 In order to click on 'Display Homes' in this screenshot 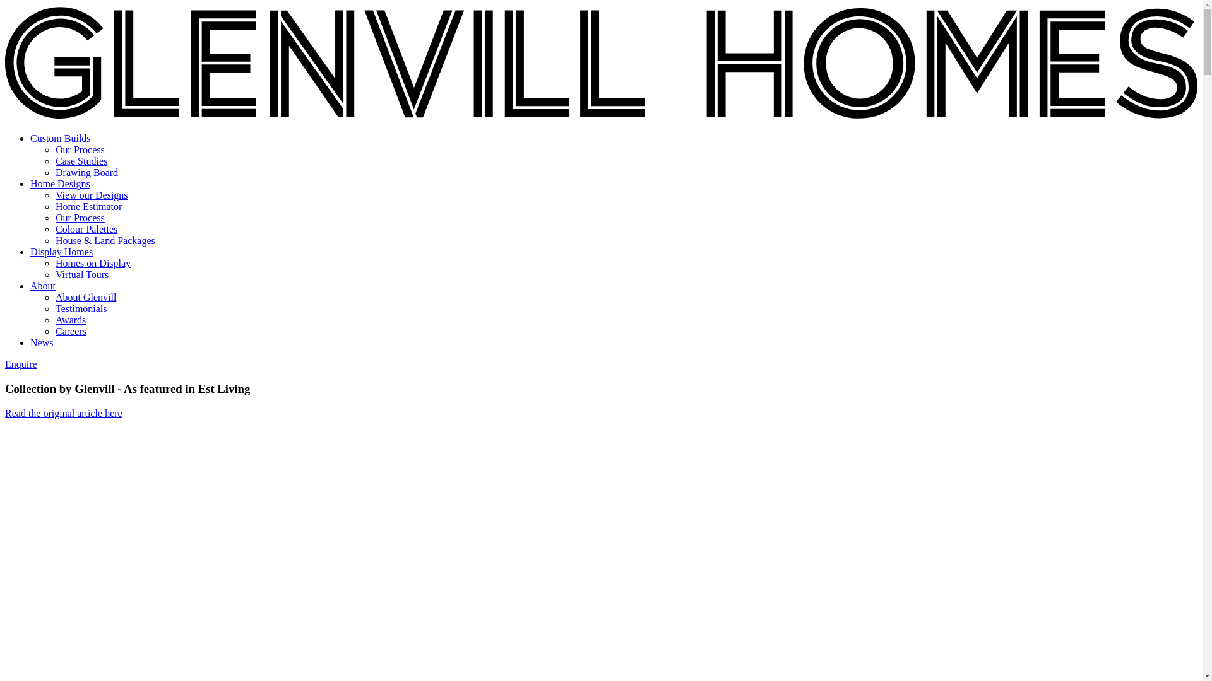, I will do `click(61, 252)`.